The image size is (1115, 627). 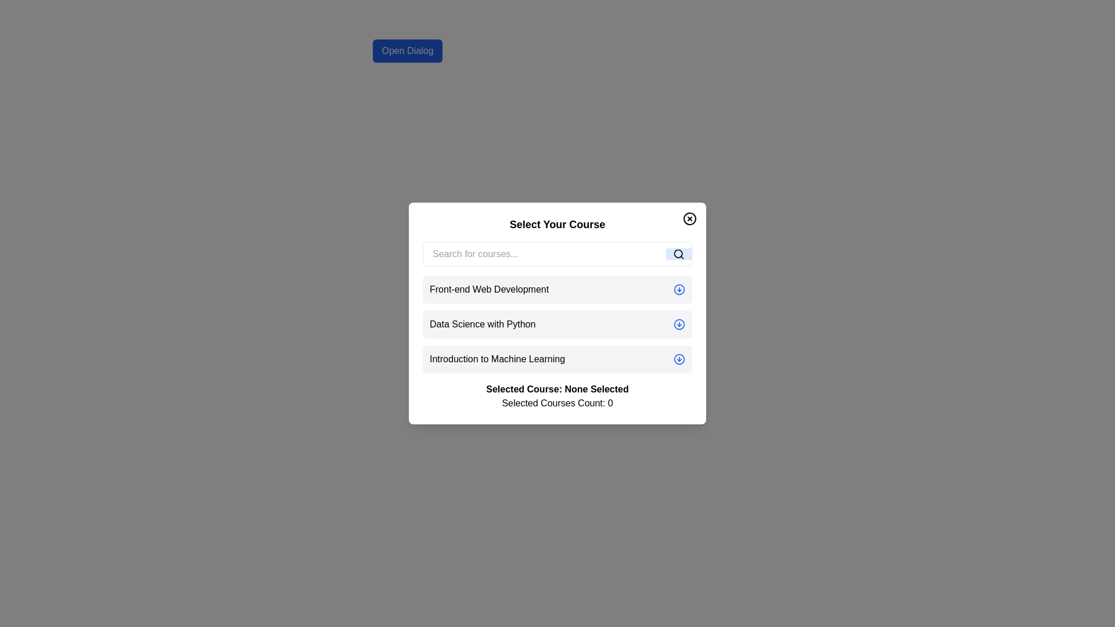 I want to click on the second item in the list for the 'Data Science with Python' course inside the 'Select Your Course' dialog box, so click(x=557, y=325).